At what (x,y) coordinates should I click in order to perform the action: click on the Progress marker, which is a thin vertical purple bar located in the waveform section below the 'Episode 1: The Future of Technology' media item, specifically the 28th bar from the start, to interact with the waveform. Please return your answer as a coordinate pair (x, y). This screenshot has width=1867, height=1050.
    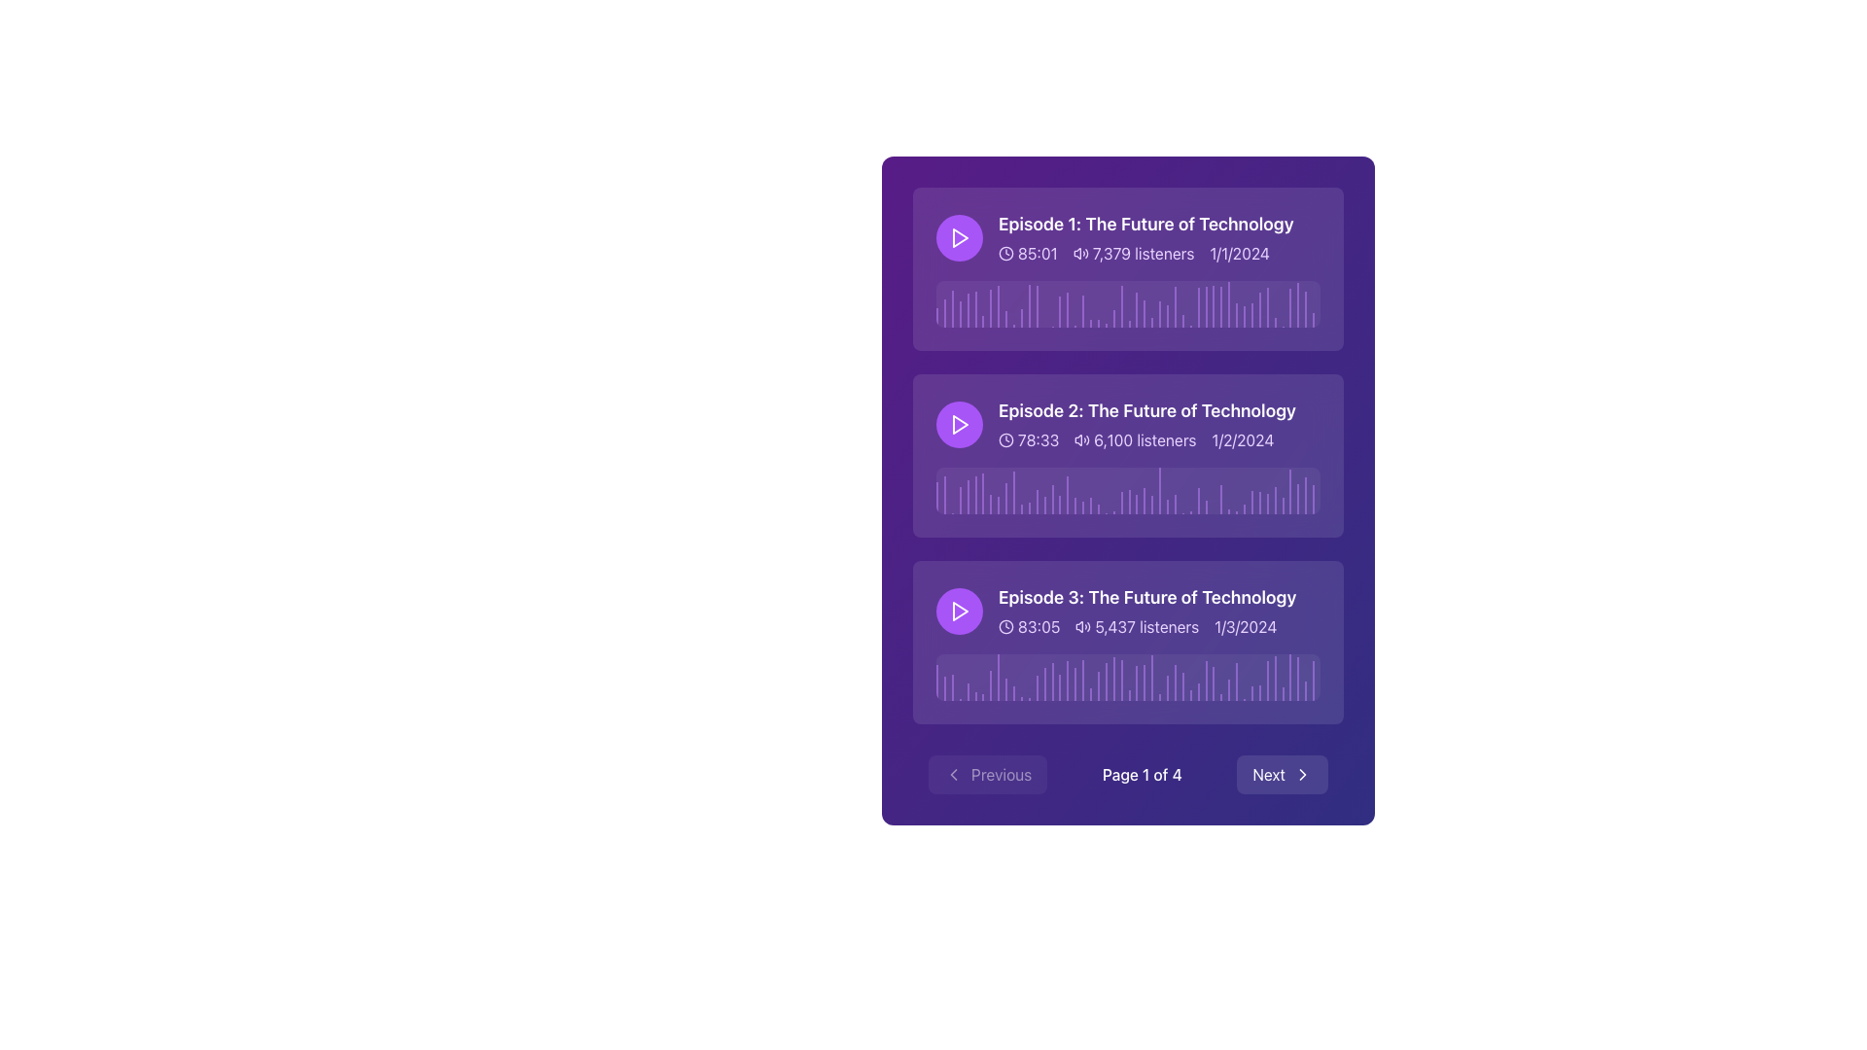
    Looking at the image, I should click on (1145, 313).